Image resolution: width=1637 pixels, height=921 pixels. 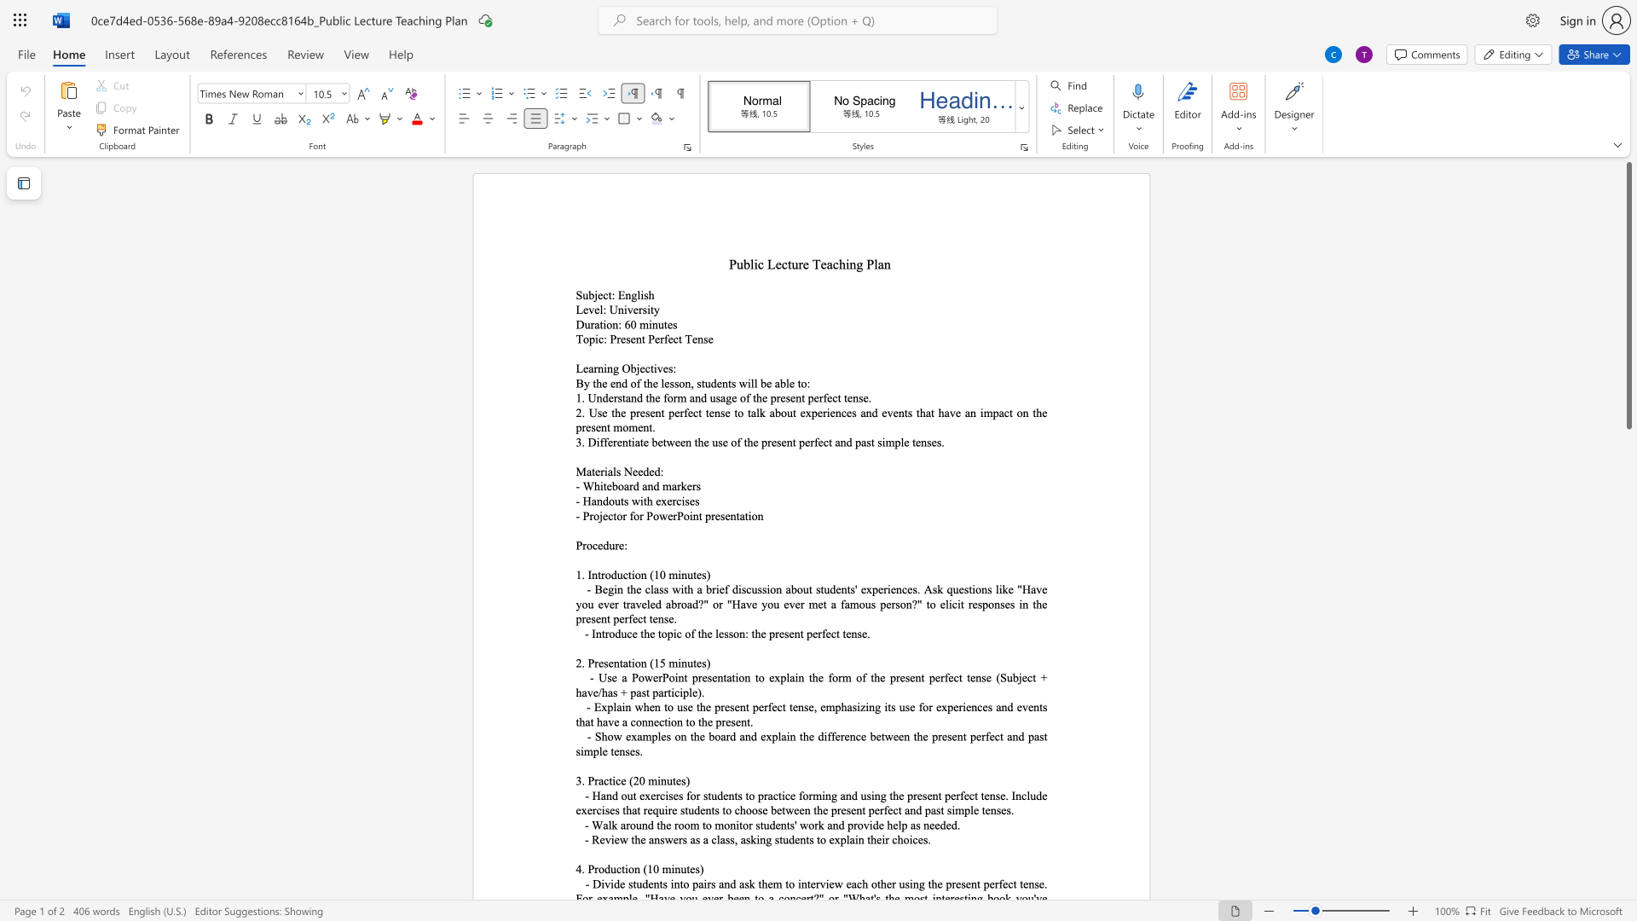 I want to click on the space between the continuous character "c" and "e" in the text, so click(x=620, y=780).